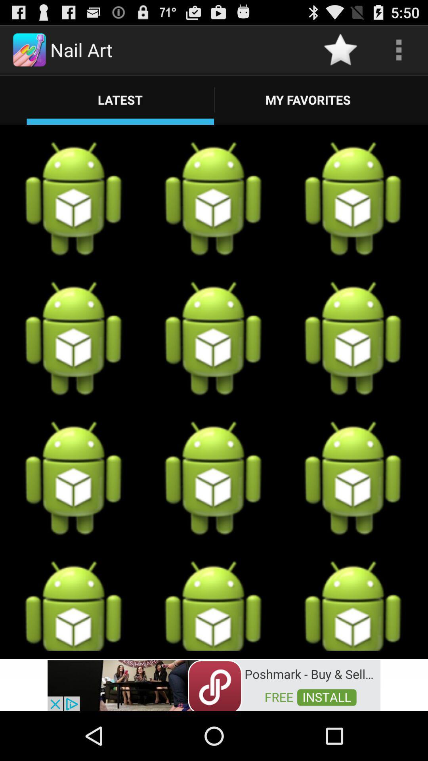 The width and height of the screenshot is (428, 761). What do you see at coordinates (399, 49) in the screenshot?
I see `open menu` at bounding box center [399, 49].